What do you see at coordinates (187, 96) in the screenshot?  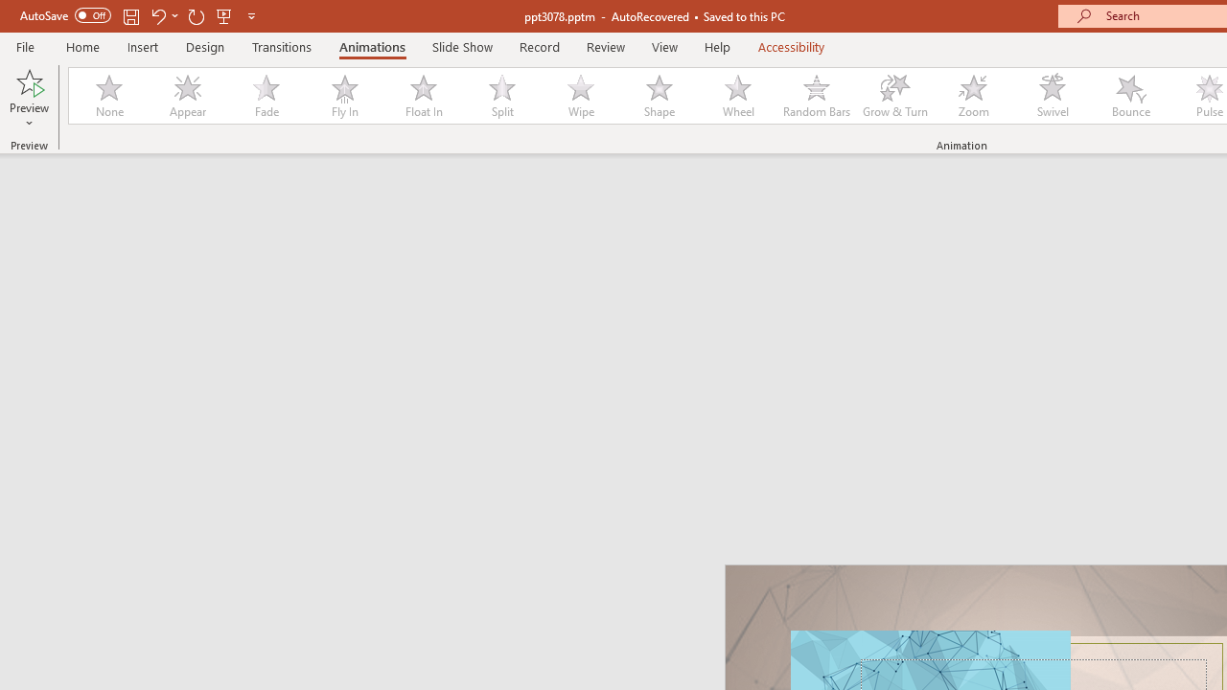 I see `'Appear'` at bounding box center [187, 96].